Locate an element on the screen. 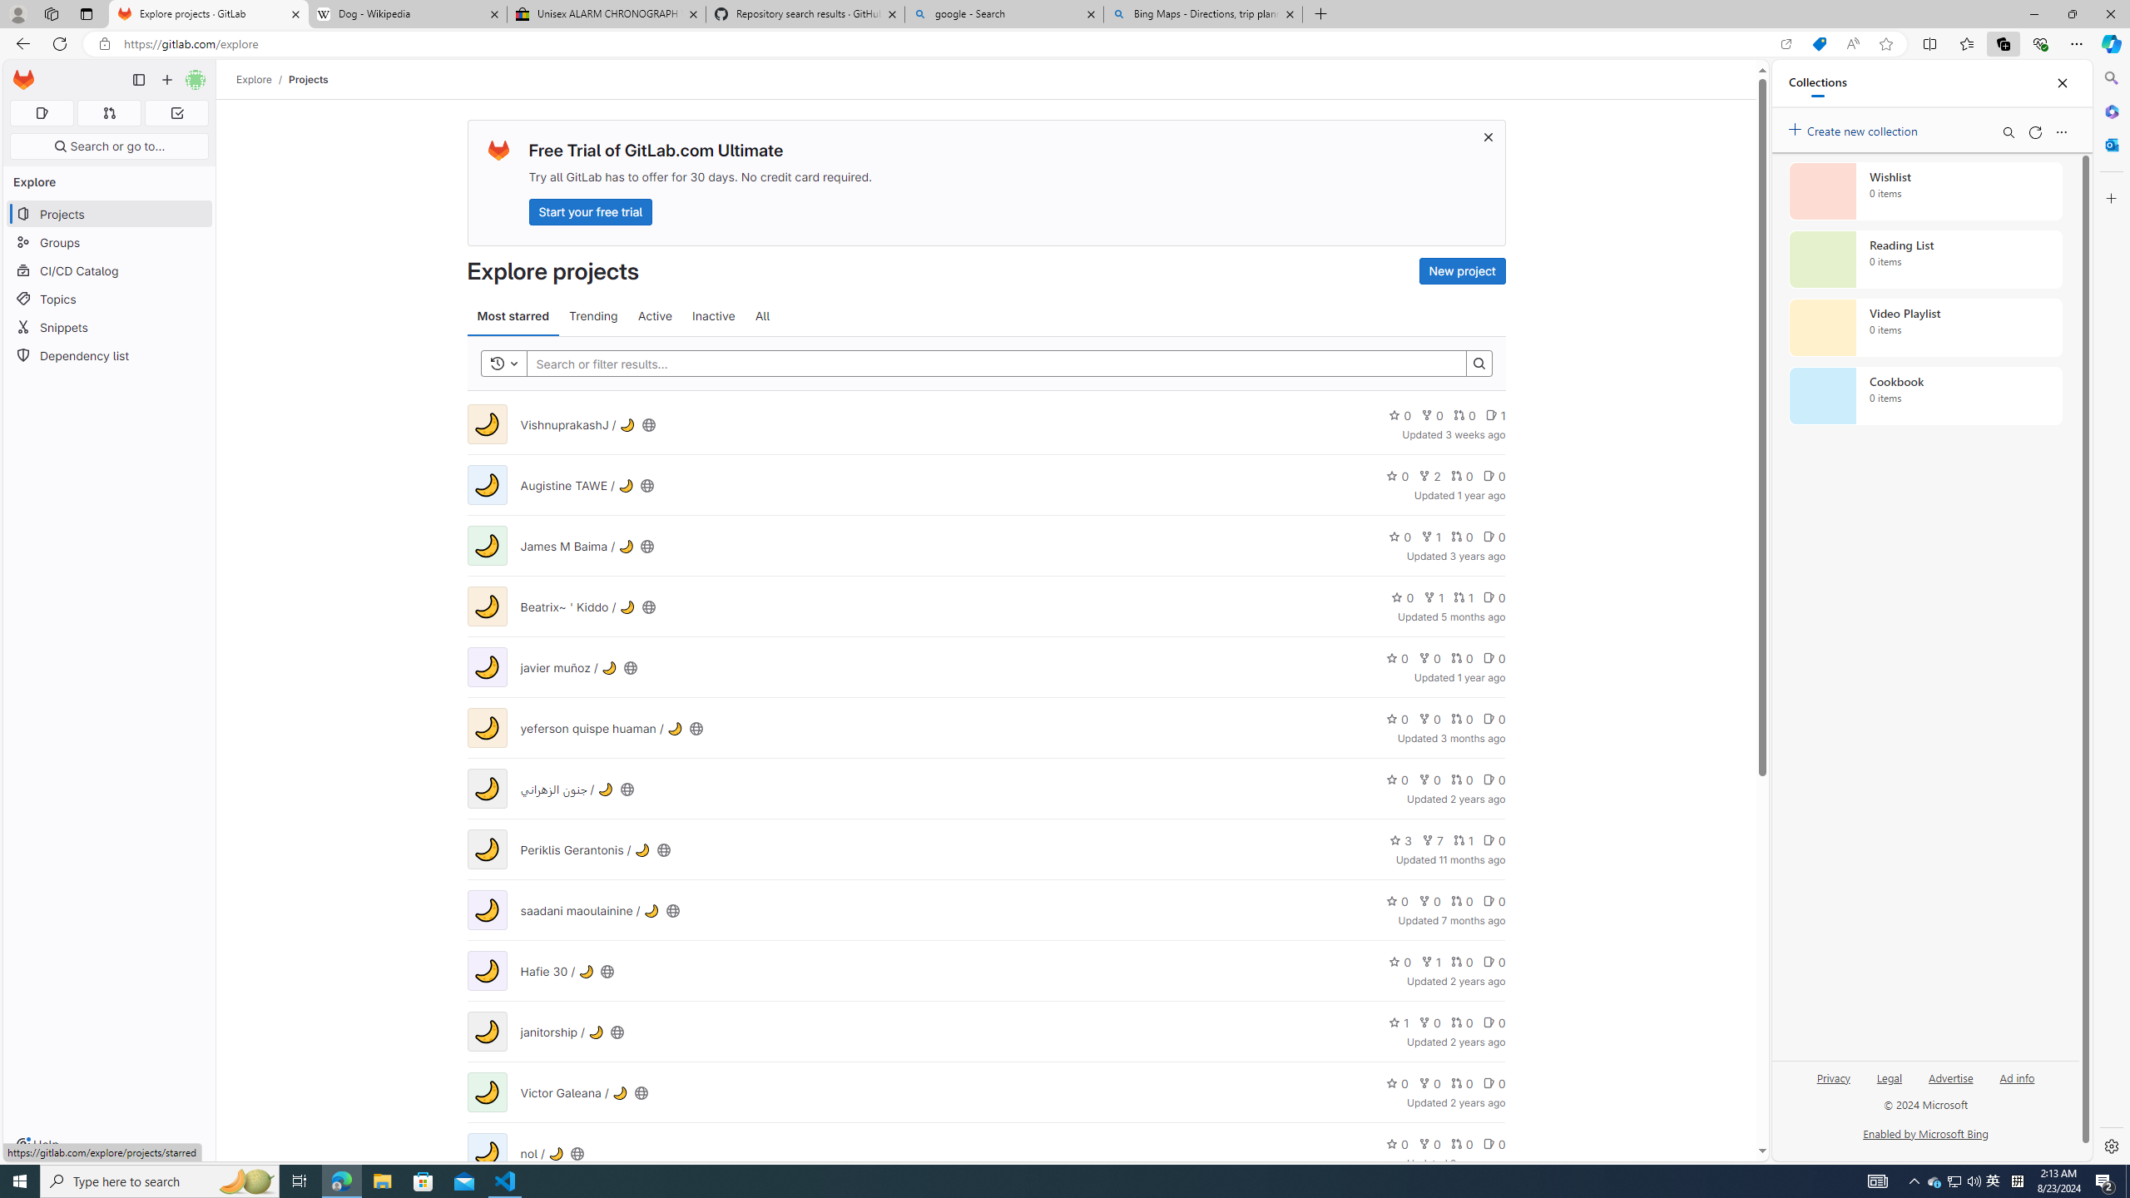 The height and width of the screenshot is (1198, 2130). 'Snippets' is located at coordinates (108, 326).